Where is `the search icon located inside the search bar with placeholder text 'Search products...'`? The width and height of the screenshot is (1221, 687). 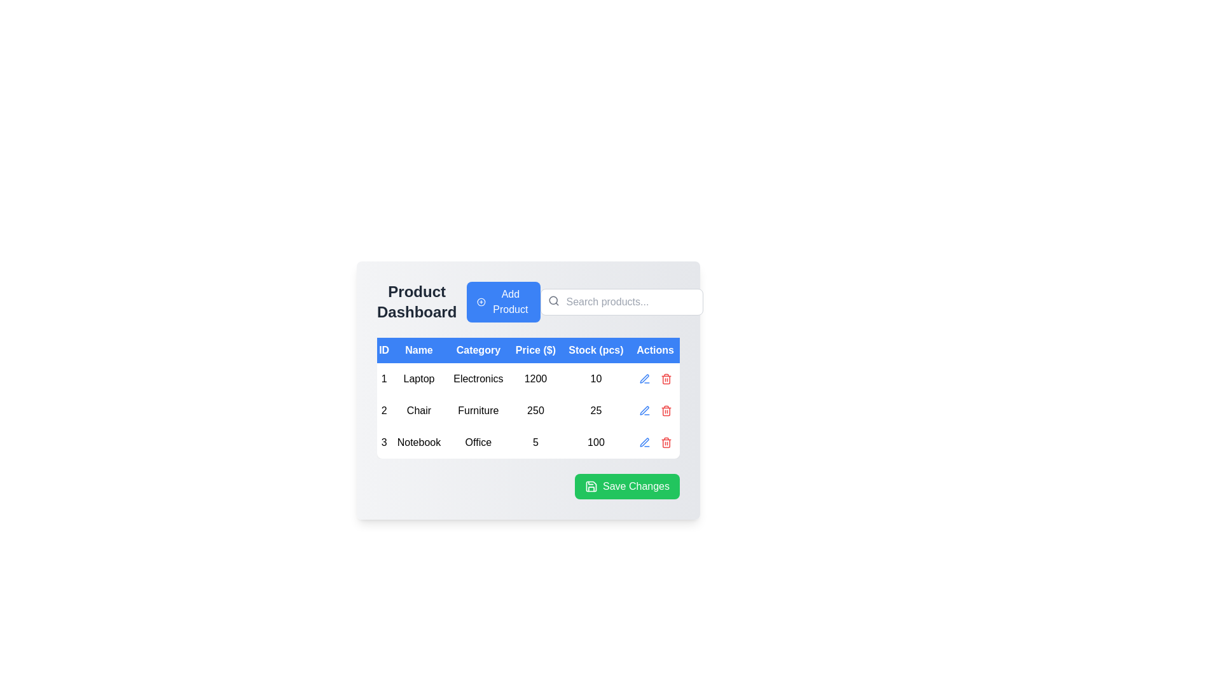 the search icon located inside the search bar with placeholder text 'Search products...' is located at coordinates (553, 301).